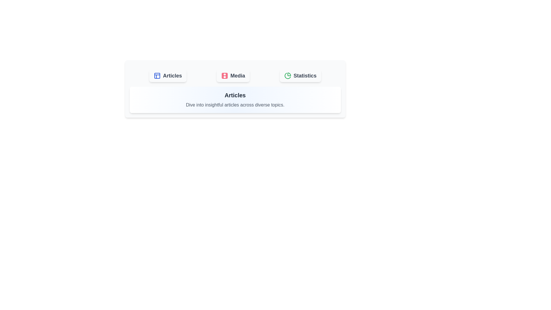 The width and height of the screenshot is (551, 310). Describe the element at coordinates (168, 75) in the screenshot. I see `the tab labeled Articles to see its hover effect` at that location.